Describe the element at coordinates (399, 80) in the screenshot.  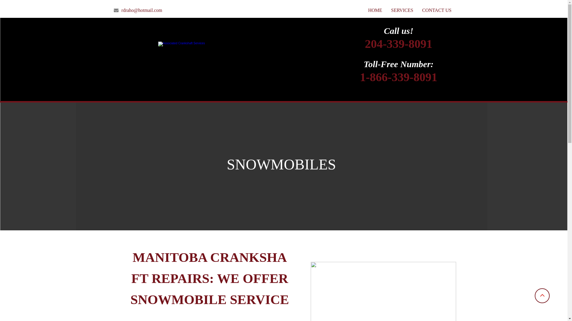
I see `'1-866-339-8091'` at that location.